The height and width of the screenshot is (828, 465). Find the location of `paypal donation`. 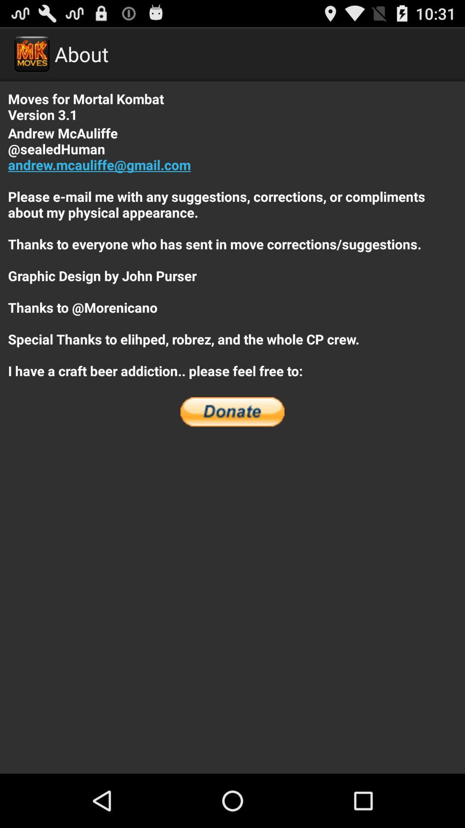

paypal donation is located at coordinates (232, 411).